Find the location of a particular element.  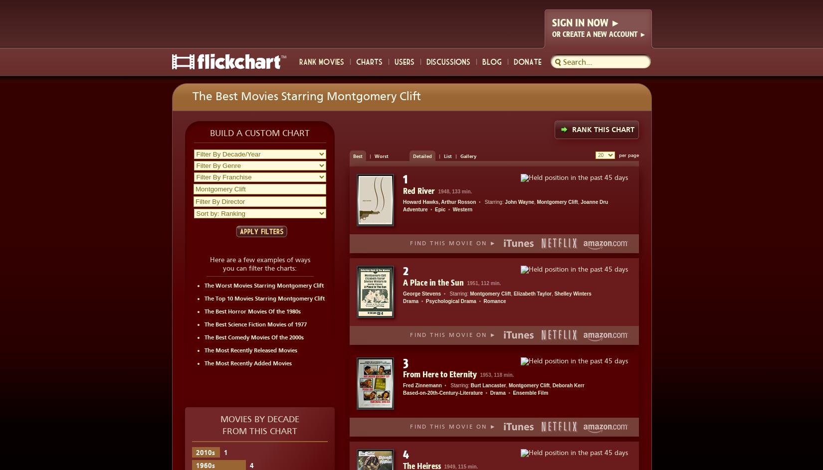

'or Create A New Account' is located at coordinates (596, 34).